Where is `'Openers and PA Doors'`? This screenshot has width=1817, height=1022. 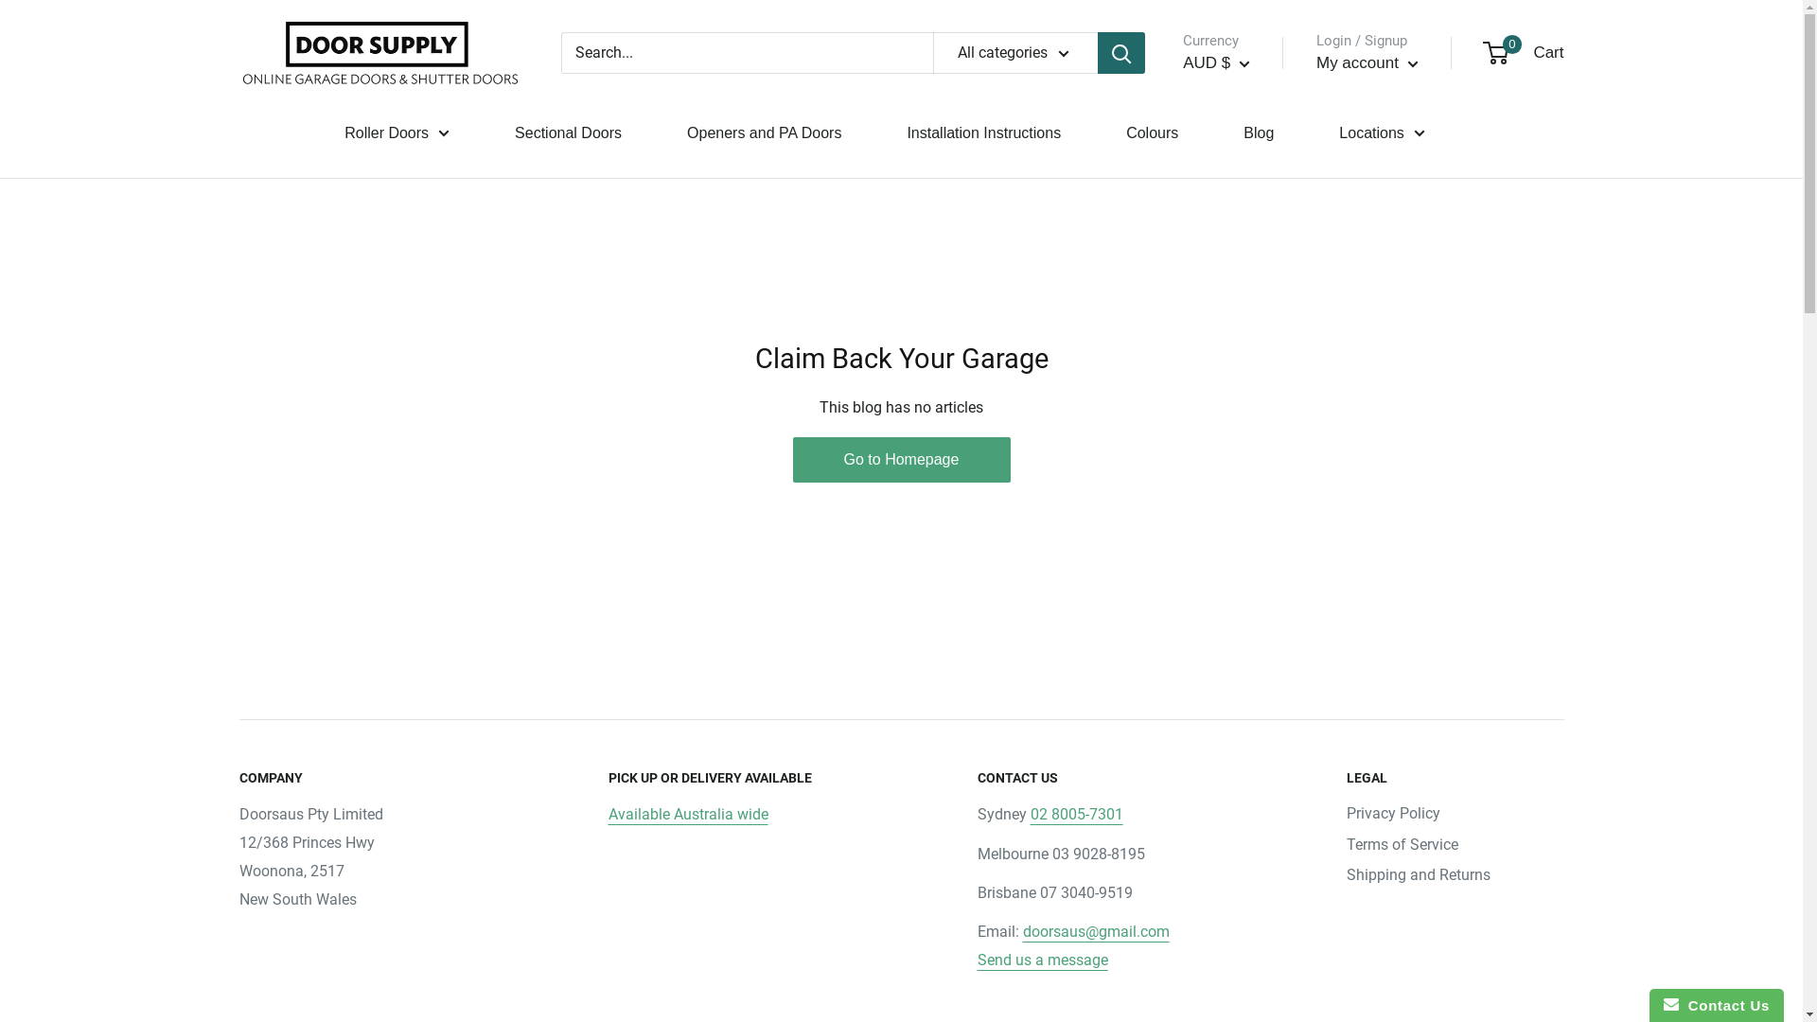 'Openers and PA Doors' is located at coordinates (764, 132).